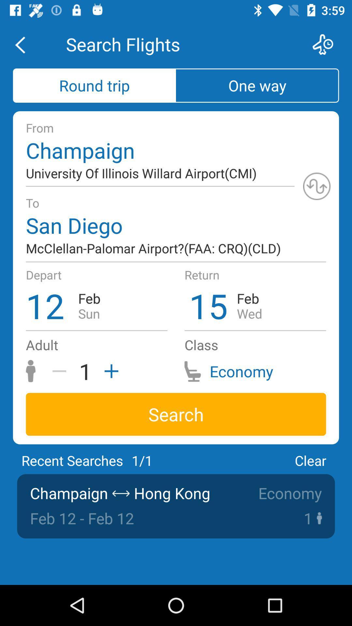 The width and height of the screenshot is (352, 626). Describe the element at coordinates (109, 371) in the screenshot. I see `item next to the 1 icon` at that location.